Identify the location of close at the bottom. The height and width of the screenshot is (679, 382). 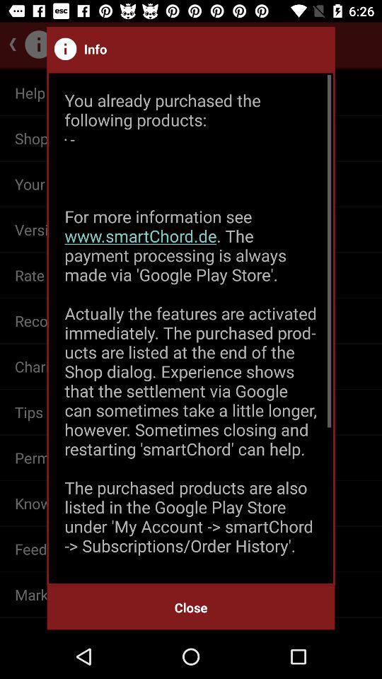
(191, 607).